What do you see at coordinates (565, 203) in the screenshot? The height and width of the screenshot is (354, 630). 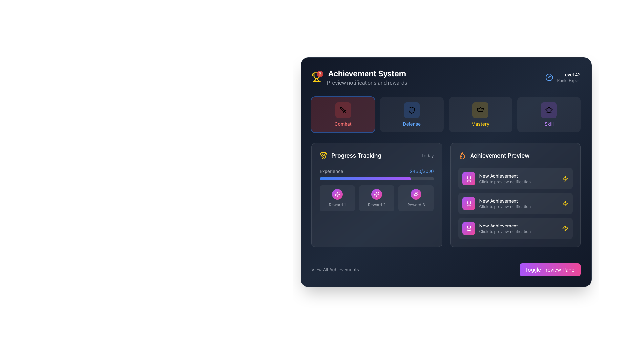 I see `the small, lightning bolt-shaped yellow icon located on the extreme right side of the 'New Achievement' notification card in the 'Achievement Preview' section` at bounding box center [565, 203].